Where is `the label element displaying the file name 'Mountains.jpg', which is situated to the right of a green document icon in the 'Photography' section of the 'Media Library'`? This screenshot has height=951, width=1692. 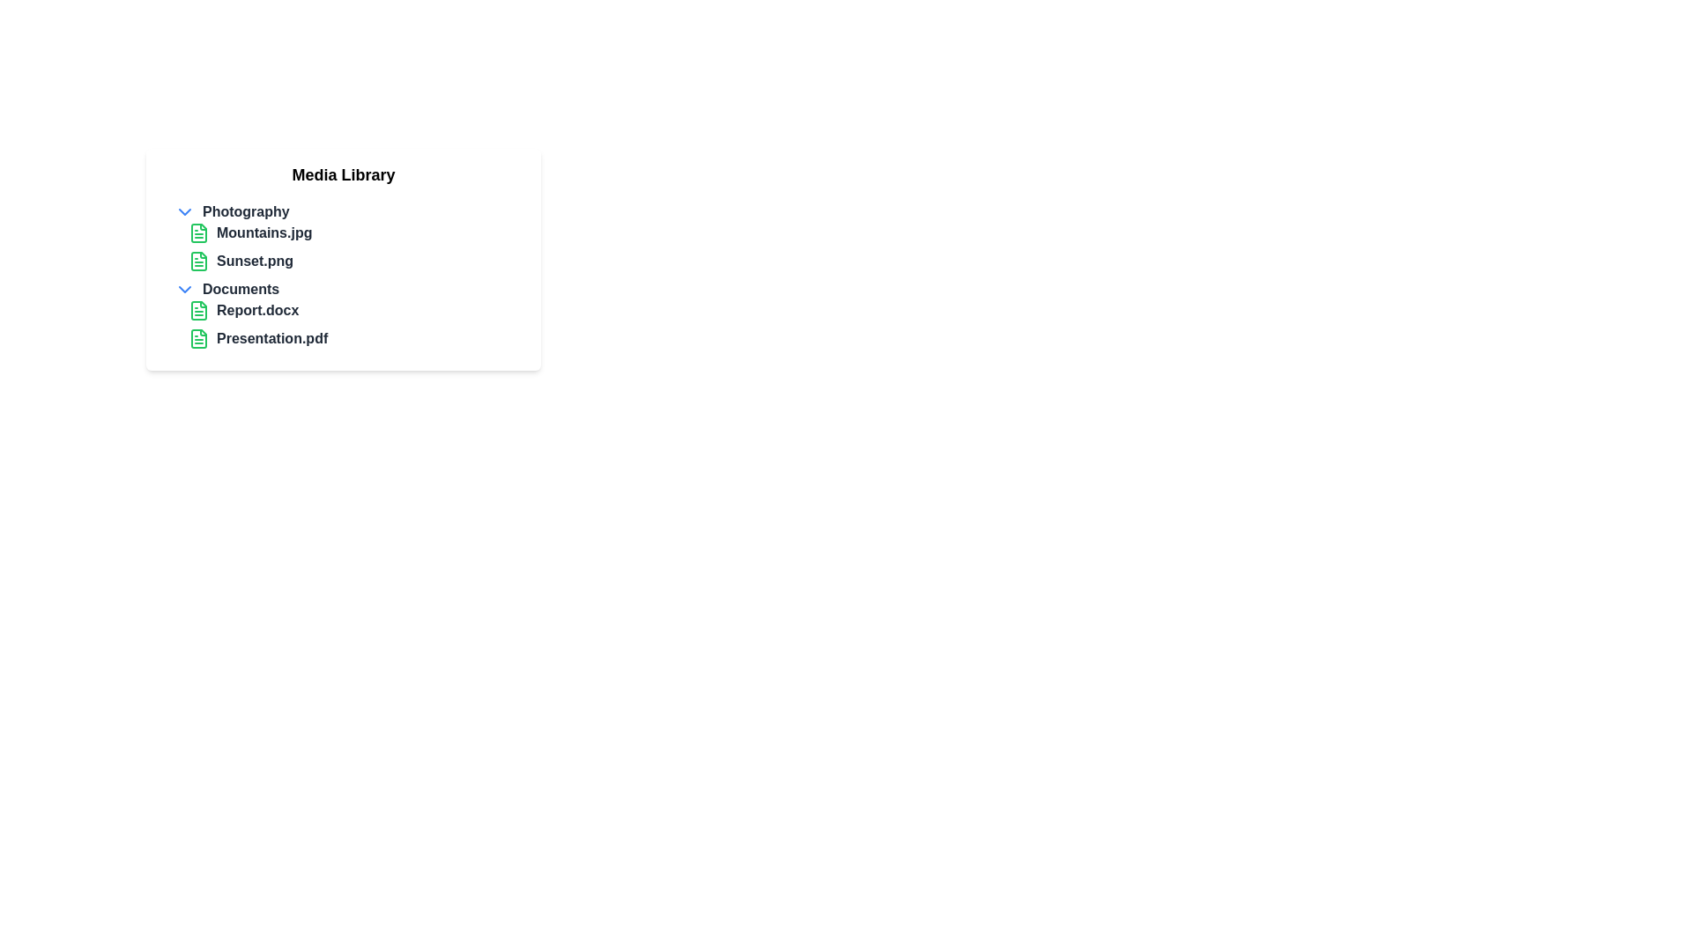 the label element displaying the file name 'Mountains.jpg', which is situated to the right of a green document icon in the 'Photography' section of the 'Media Library' is located at coordinates (263, 232).